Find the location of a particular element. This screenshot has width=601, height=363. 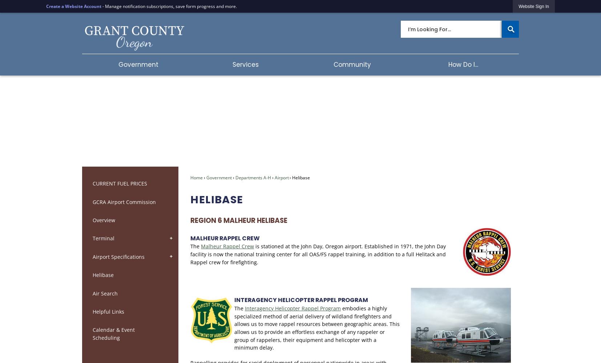

'Home' is located at coordinates (197, 177).